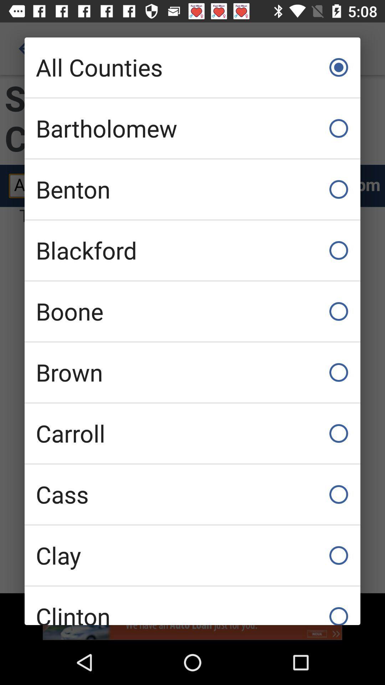  Describe the element at coordinates (192, 67) in the screenshot. I see `all counties` at that location.